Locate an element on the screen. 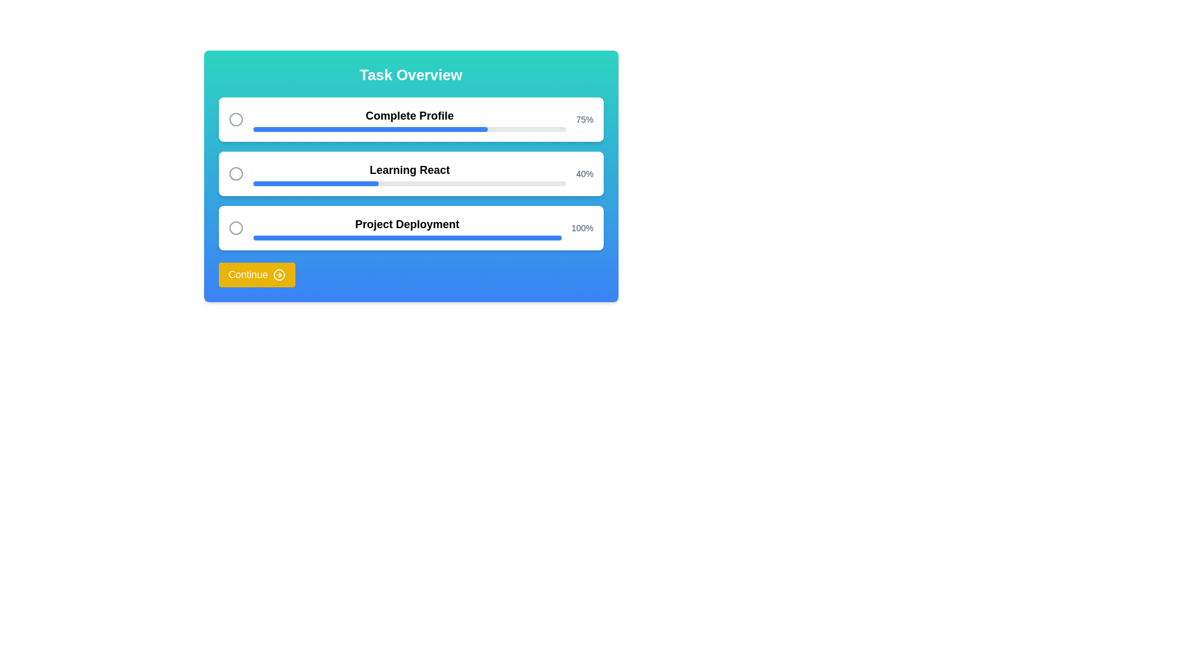 The image size is (1184, 666). the progress bar that visually represents the progress of the 'Learning React' task, showing 40% completion, located below the text 'Learning React' is located at coordinates (409, 183).